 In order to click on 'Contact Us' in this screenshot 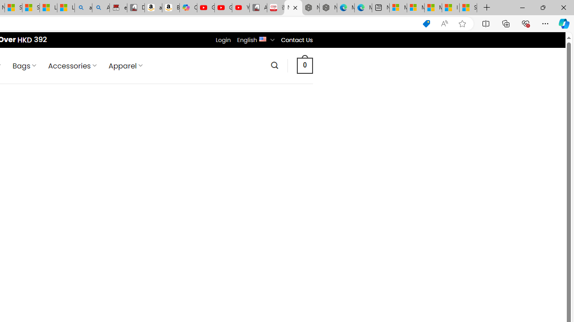, I will do `click(296, 39)`.